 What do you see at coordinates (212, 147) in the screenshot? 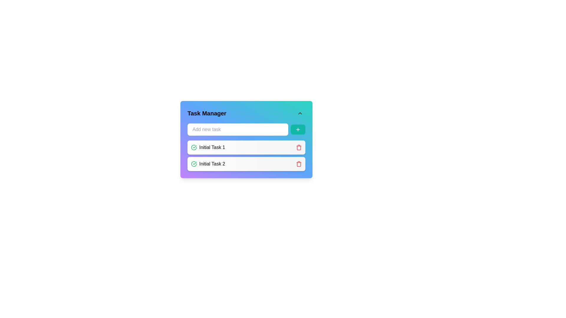
I see `the descriptive text label of the first task entry in the Task Manager interface` at bounding box center [212, 147].